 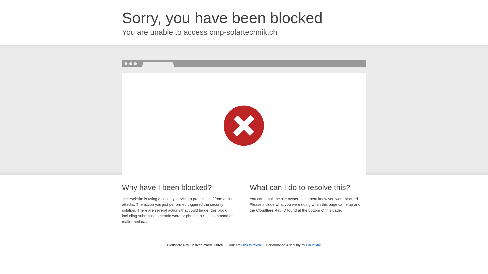 What do you see at coordinates (241, 245) in the screenshot?
I see `'Click to reveal'` at bounding box center [241, 245].